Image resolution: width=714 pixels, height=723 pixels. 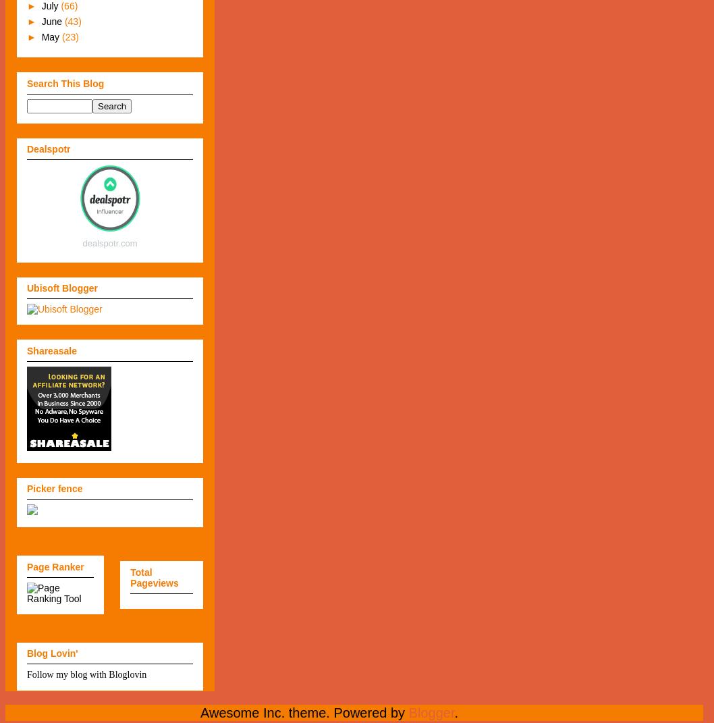 I want to click on 'Picker fence', so click(x=55, y=488).